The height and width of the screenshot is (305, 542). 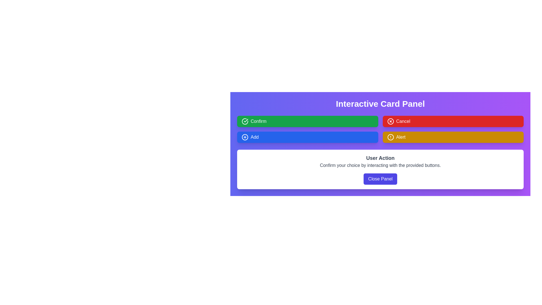 I want to click on the text label or heading at the top-center of the interactive card panel, which provides context for the panel's purpose, so click(x=380, y=104).